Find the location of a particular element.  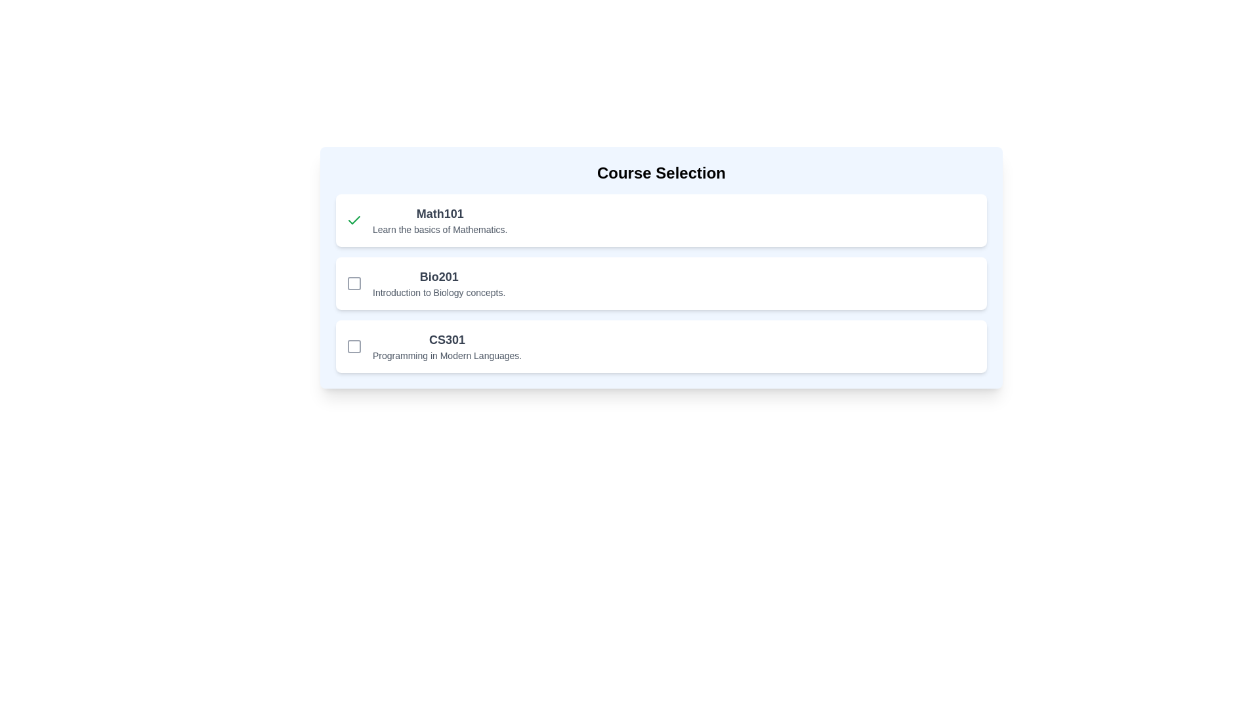

the checkbox icon to the left of the 'Bio201' item is located at coordinates (354, 283).